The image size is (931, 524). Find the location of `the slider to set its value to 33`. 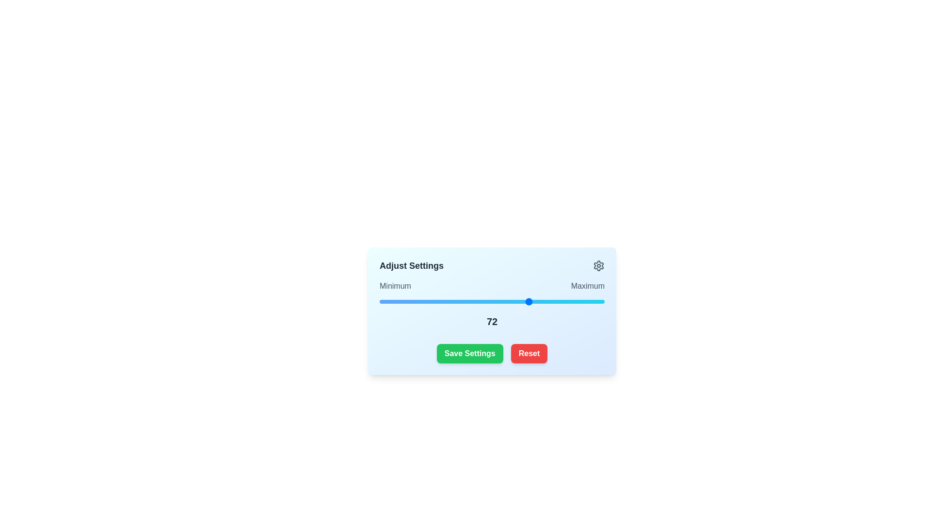

the slider to set its value to 33 is located at coordinates (427, 301).